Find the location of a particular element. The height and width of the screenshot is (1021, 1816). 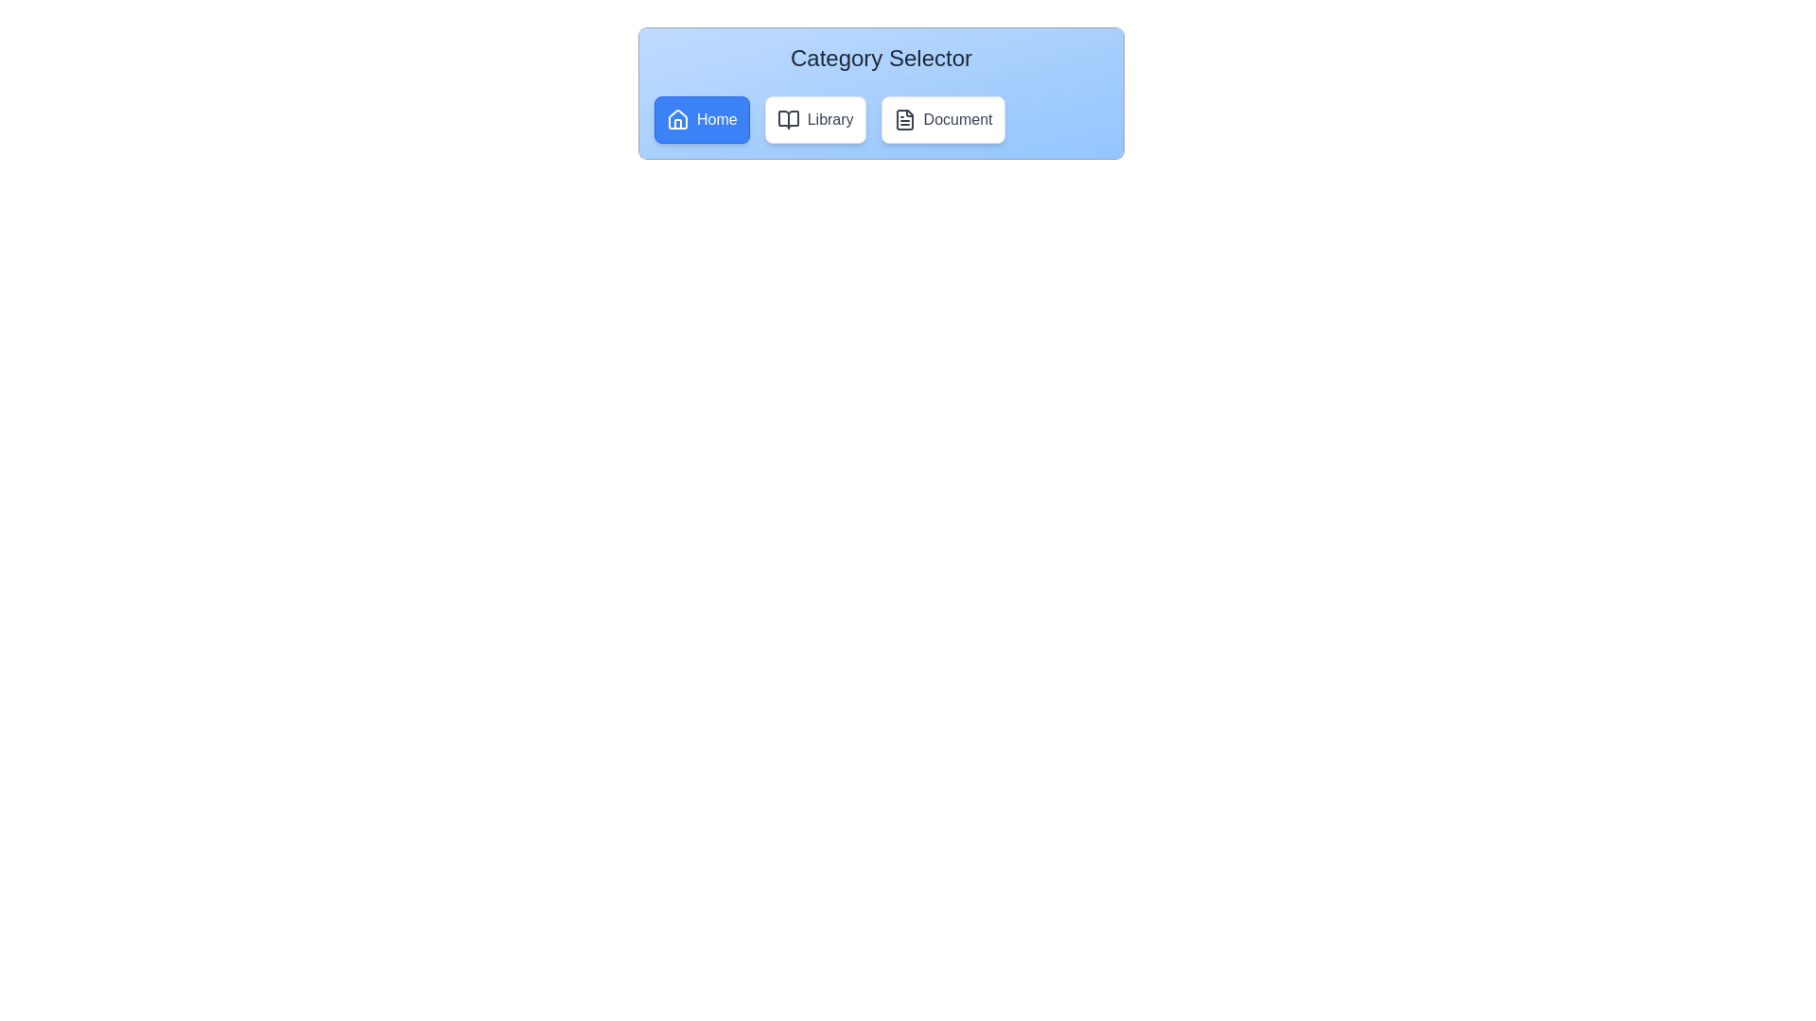

the Library option to observe the visual feedback is located at coordinates (815, 120).